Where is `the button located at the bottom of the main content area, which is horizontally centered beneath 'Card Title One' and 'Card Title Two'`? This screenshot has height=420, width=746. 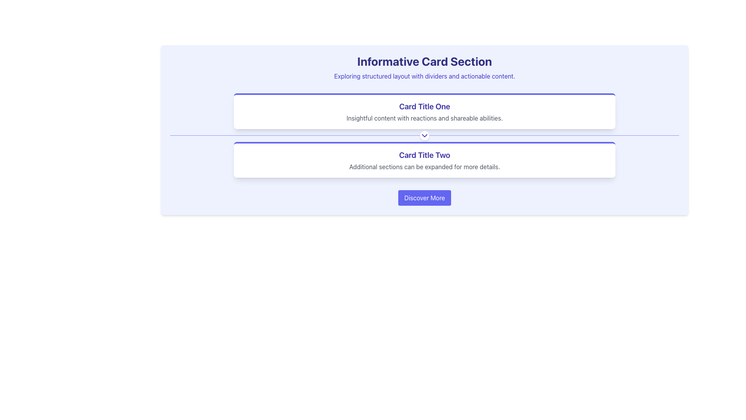 the button located at the bottom of the main content area, which is horizontally centered beneath 'Card Title One' and 'Card Title Two' is located at coordinates (424, 198).